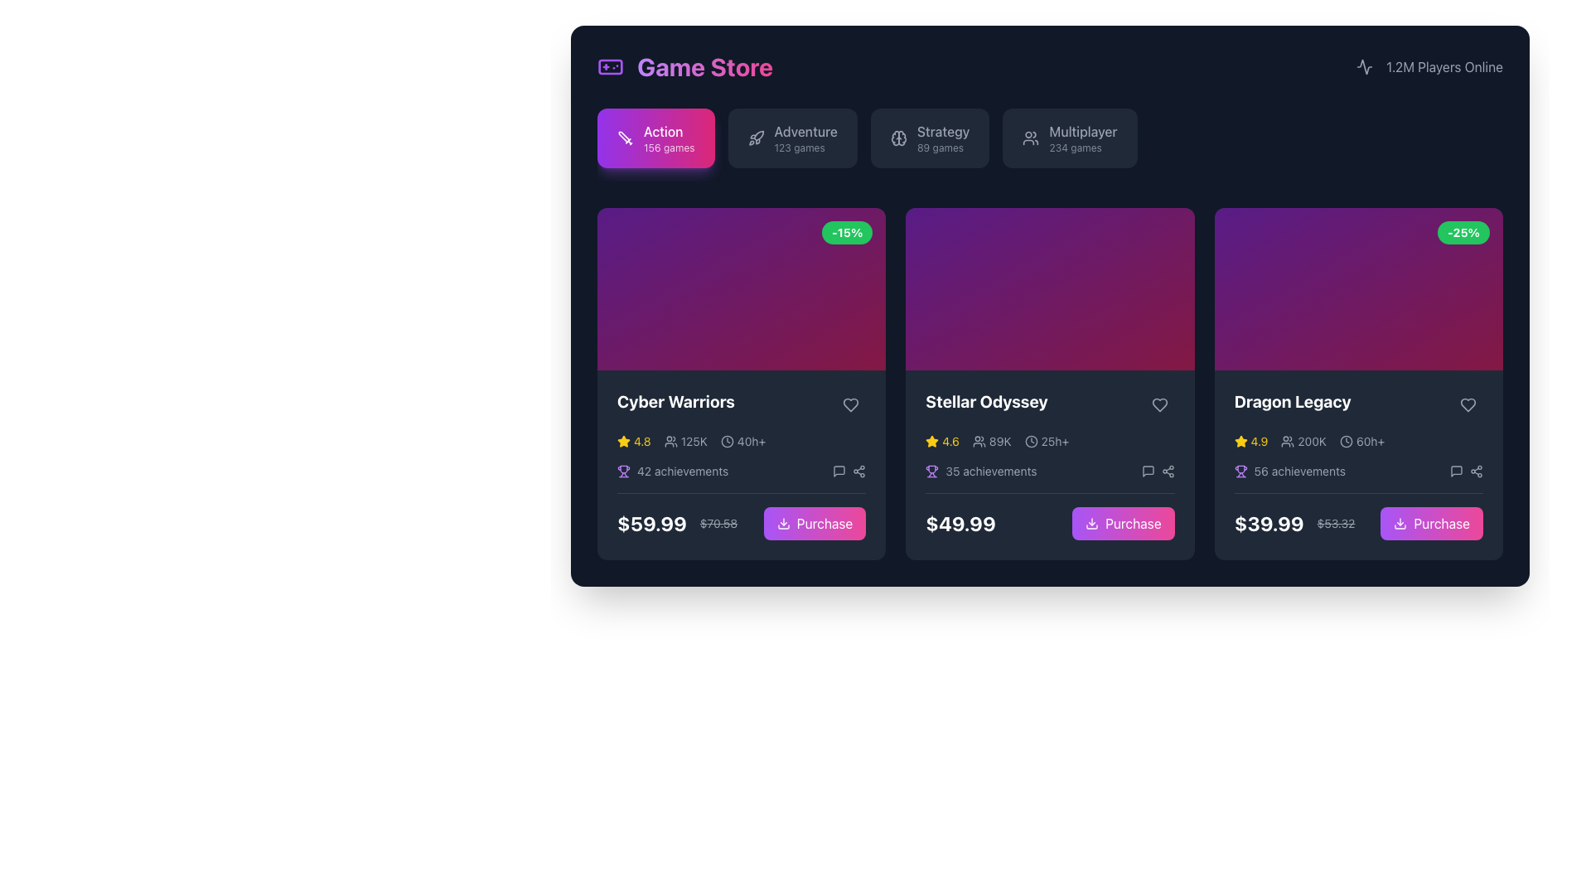 The width and height of the screenshot is (1591, 895). I want to click on the share icon located in the lower-right of the 'Dragon Legacy' card, so click(1467, 470).